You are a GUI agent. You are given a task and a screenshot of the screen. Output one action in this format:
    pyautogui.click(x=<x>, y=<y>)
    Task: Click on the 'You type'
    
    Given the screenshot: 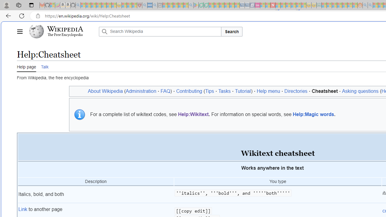 What is the action you would take?
    pyautogui.click(x=277, y=181)
    